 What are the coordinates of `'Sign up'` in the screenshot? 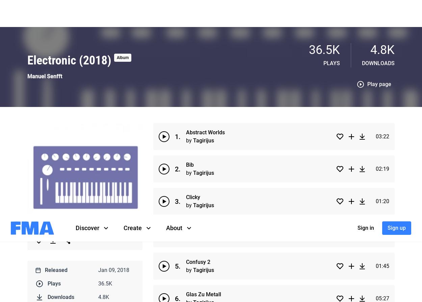 It's located at (388, 13).